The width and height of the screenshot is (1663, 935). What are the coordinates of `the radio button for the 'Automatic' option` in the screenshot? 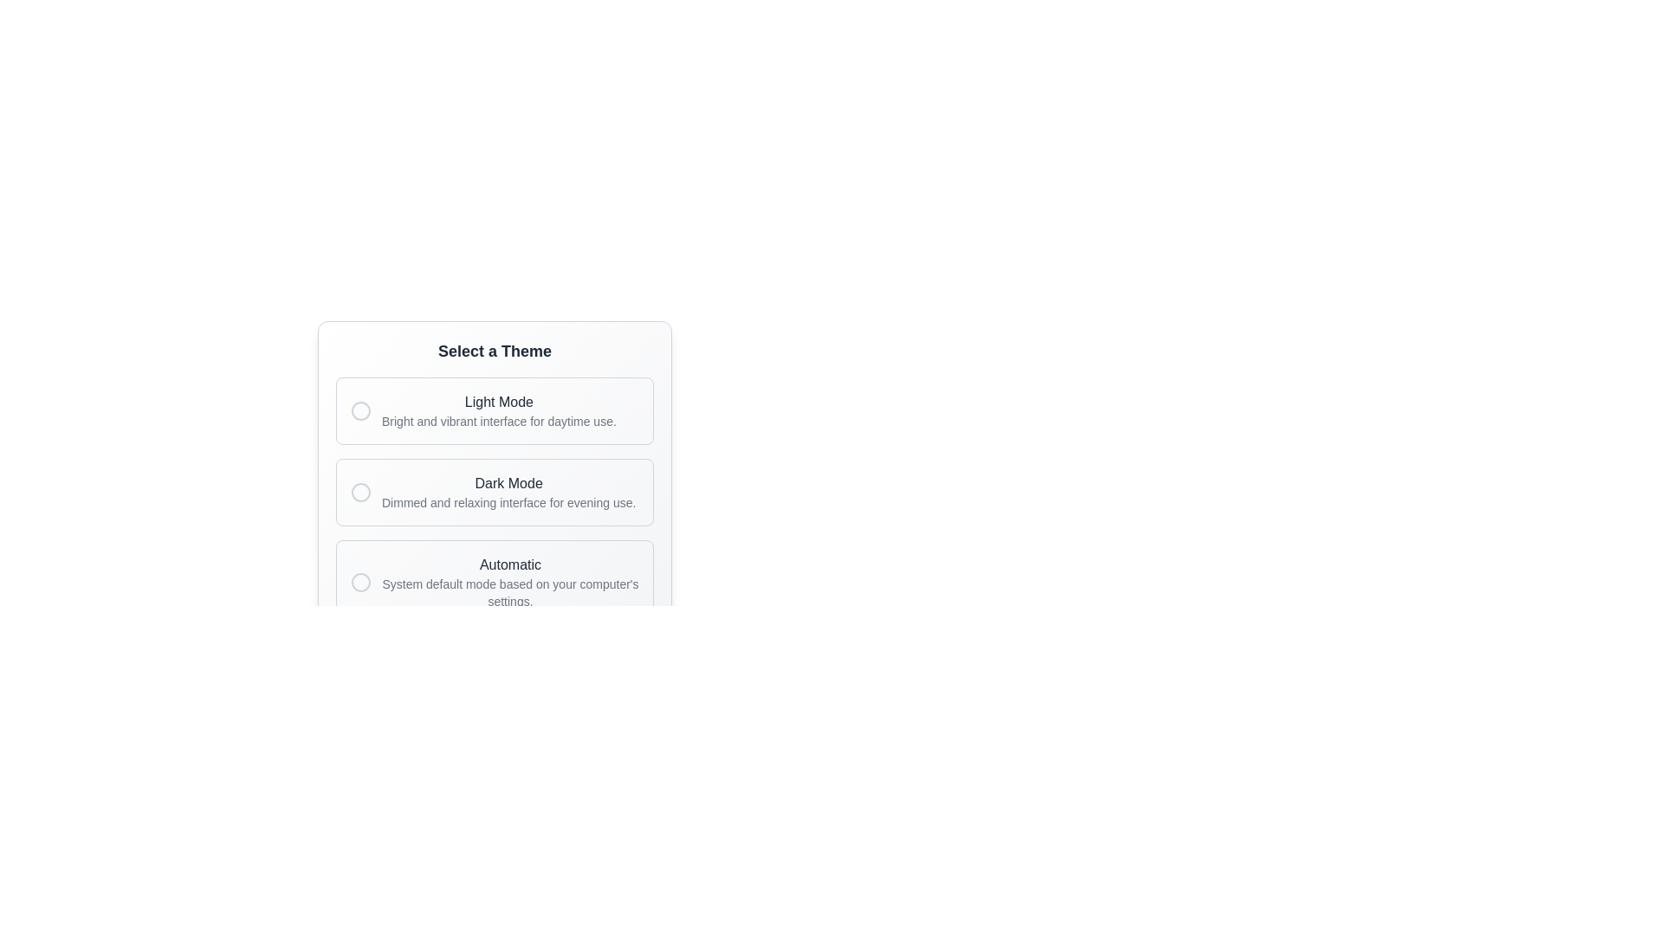 It's located at (360, 582).